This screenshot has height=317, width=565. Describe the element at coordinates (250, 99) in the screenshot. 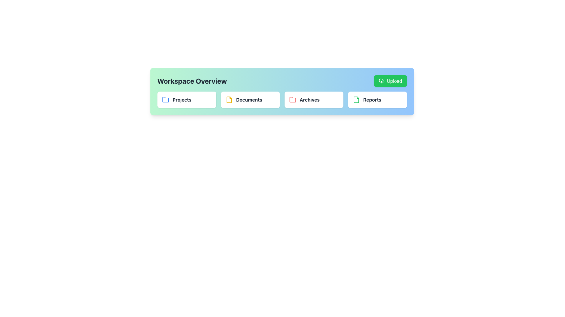

I see `the 'Documents' button` at that location.